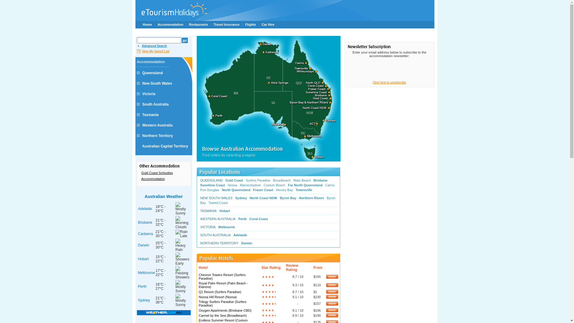 The height and width of the screenshot is (323, 574). What do you see at coordinates (216, 235) in the screenshot?
I see `'SOUTH AUSTRALIA'` at bounding box center [216, 235].